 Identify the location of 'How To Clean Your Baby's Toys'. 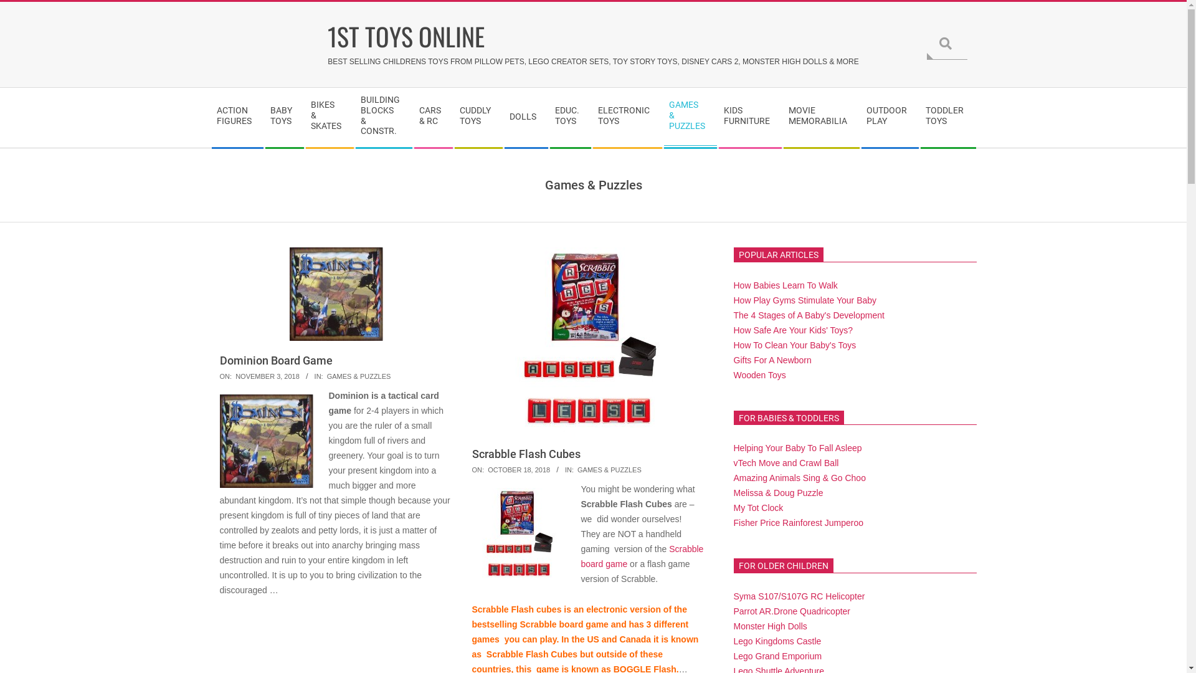
(794, 345).